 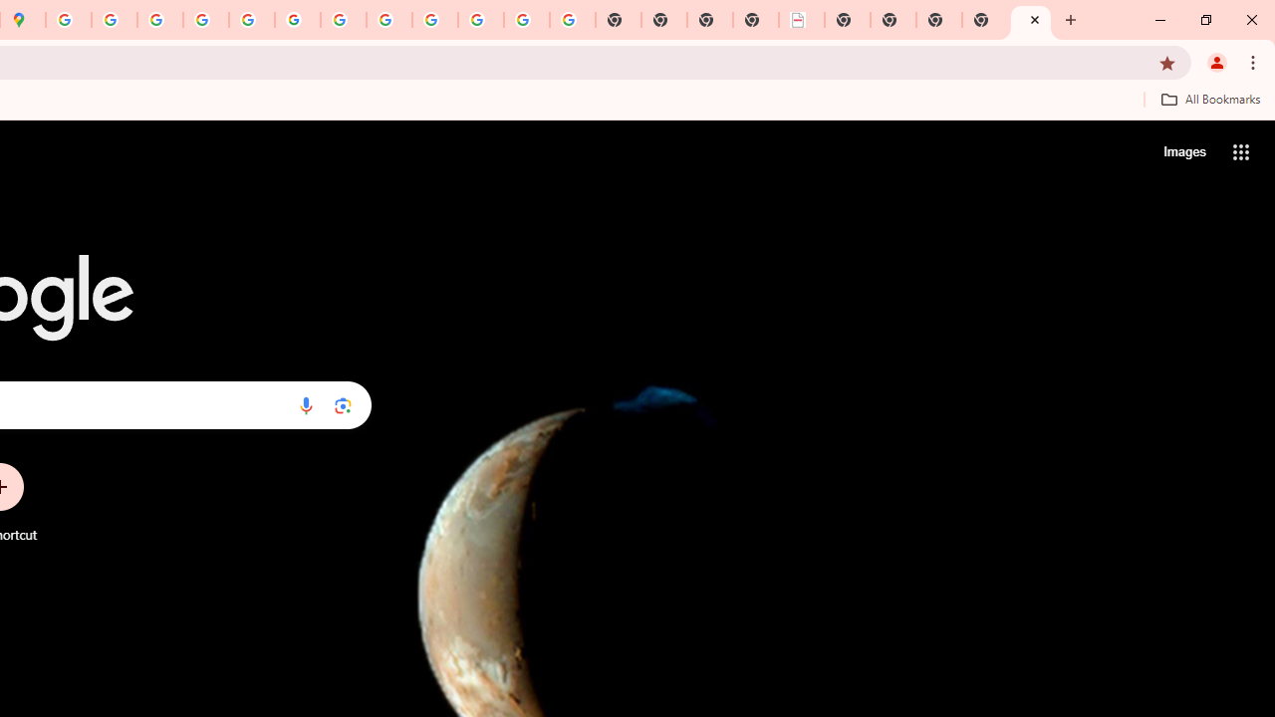 I want to click on 'All Bookmarks', so click(x=1209, y=99).